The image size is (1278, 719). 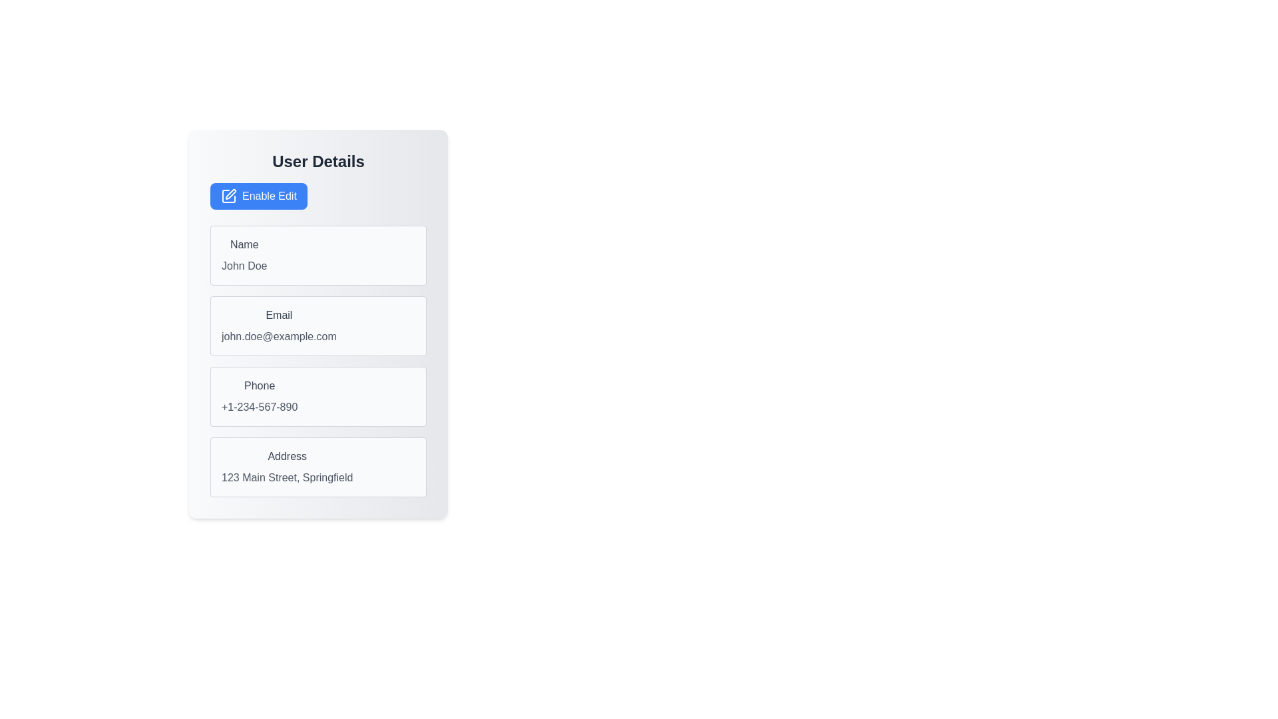 What do you see at coordinates (260, 407) in the screenshot?
I see `the Text display showing the user's phone number, located under the 'Phone' label in the contact information card` at bounding box center [260, 407].